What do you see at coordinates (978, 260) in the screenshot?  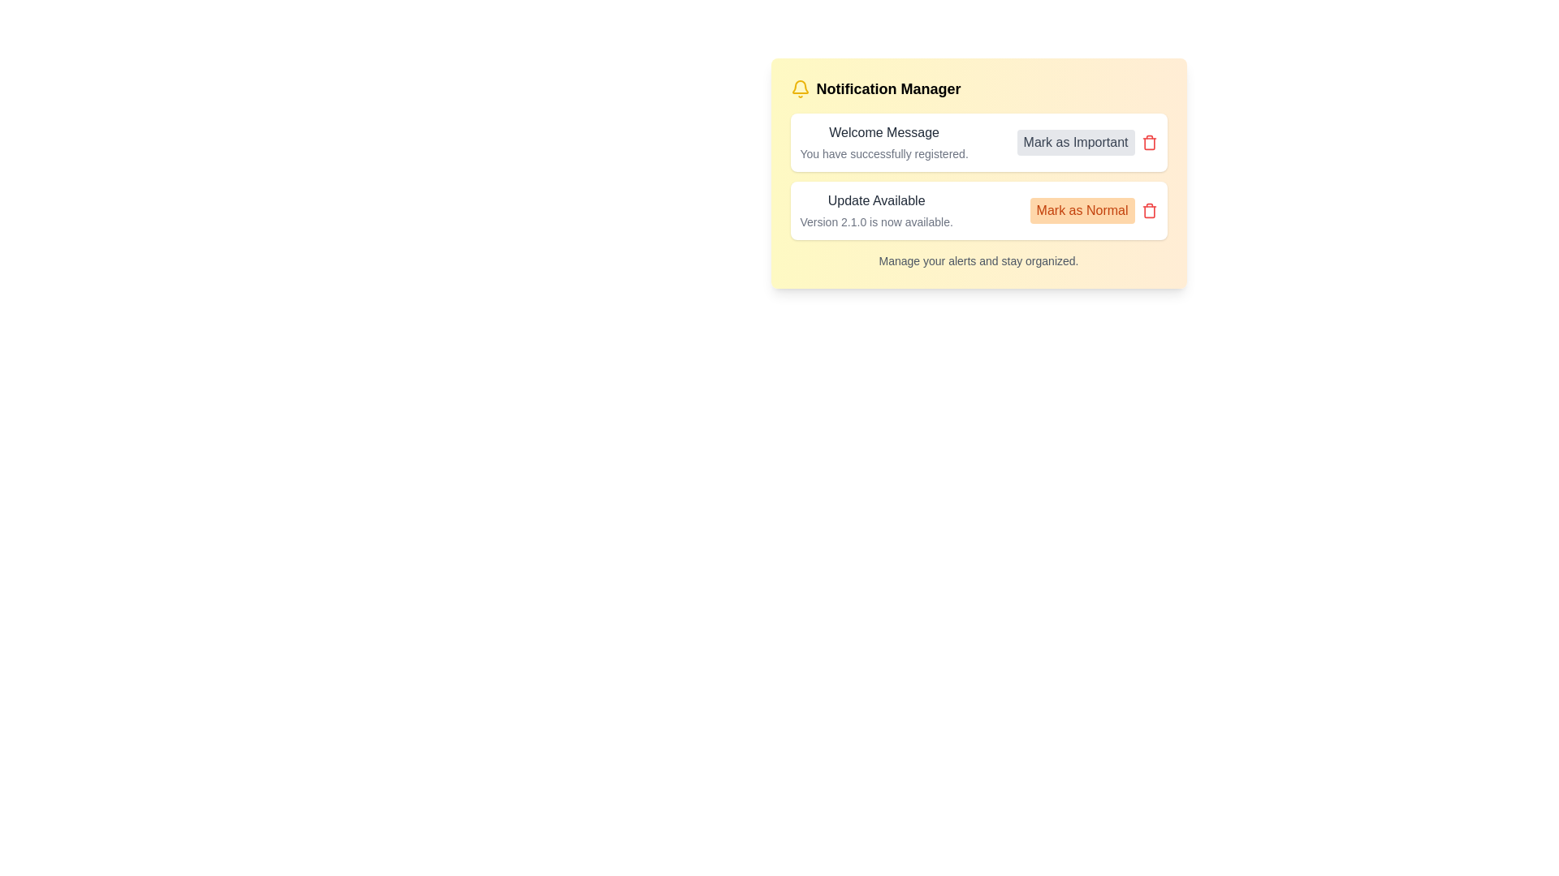 I see `text label that says 'Manage your alerts and stay organized.' located below the 'Update Available' section in the Notification Manager component` at bounding box center [978, 260].